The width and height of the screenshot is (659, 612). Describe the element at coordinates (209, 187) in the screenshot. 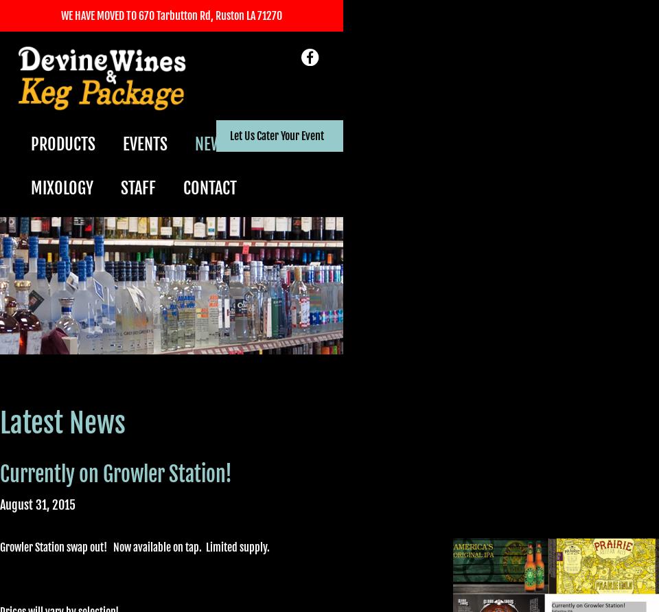

I see `'CONTACT'` at that location.